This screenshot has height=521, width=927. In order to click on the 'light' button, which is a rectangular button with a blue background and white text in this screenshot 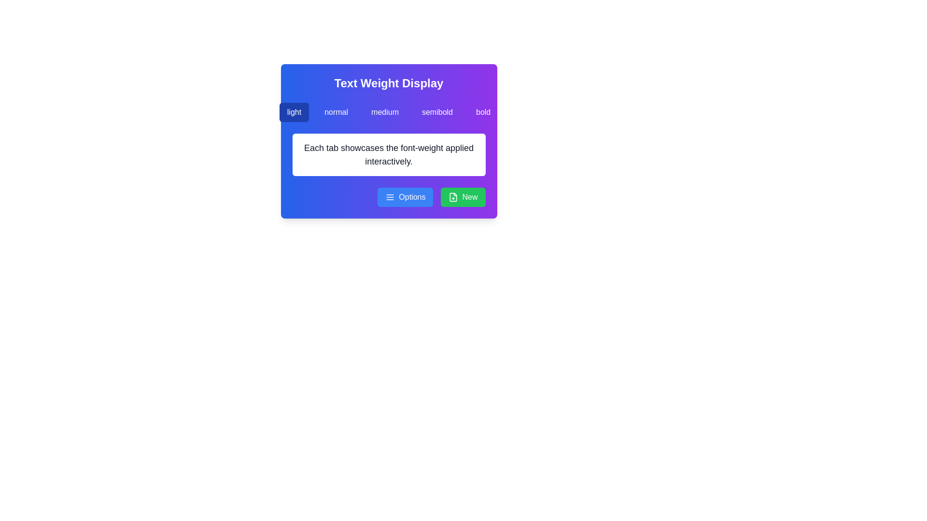, I will do `click(294, 111)`.